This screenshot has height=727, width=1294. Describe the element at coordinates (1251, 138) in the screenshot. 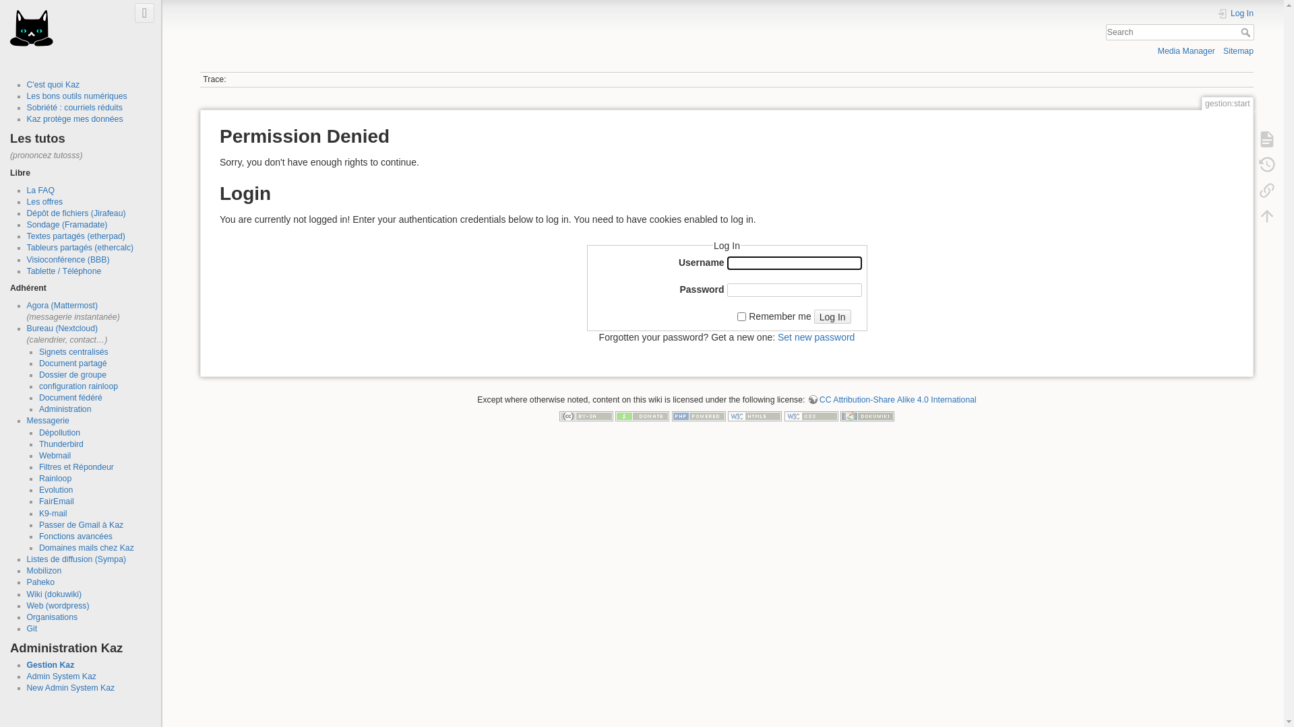

I see `'Show page [v]'` at that location.